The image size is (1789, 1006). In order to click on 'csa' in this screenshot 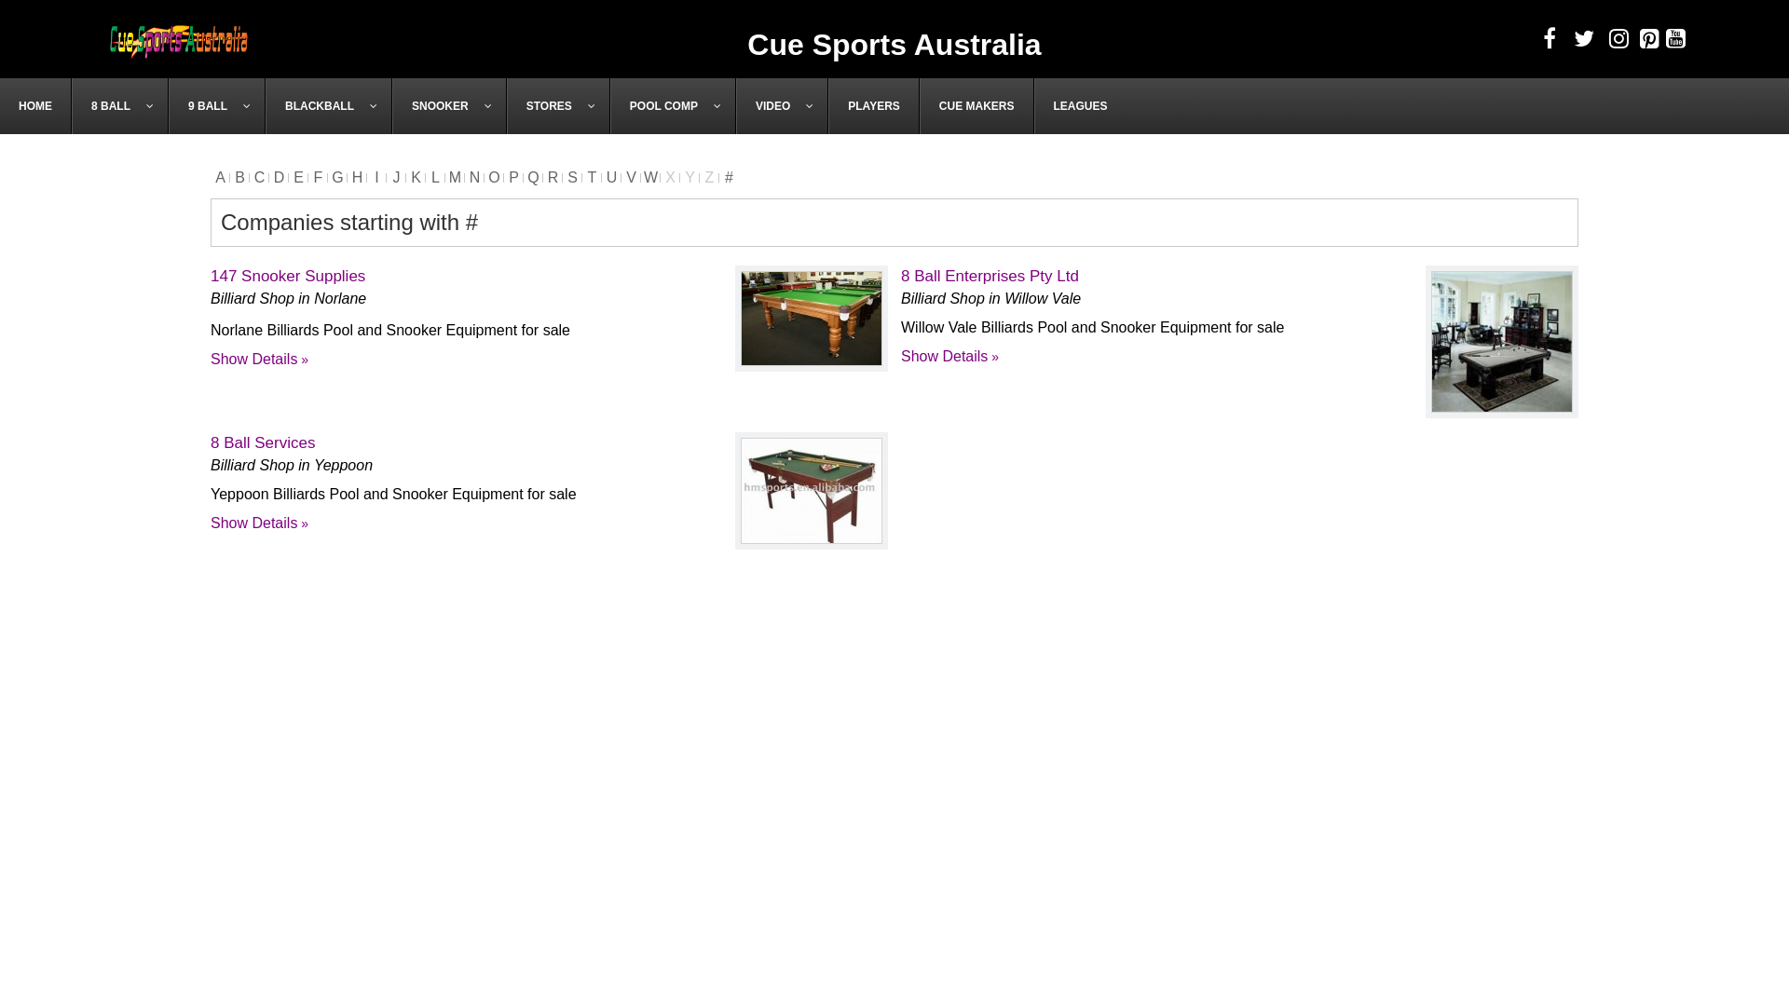, I will do `click(179, 39)`.